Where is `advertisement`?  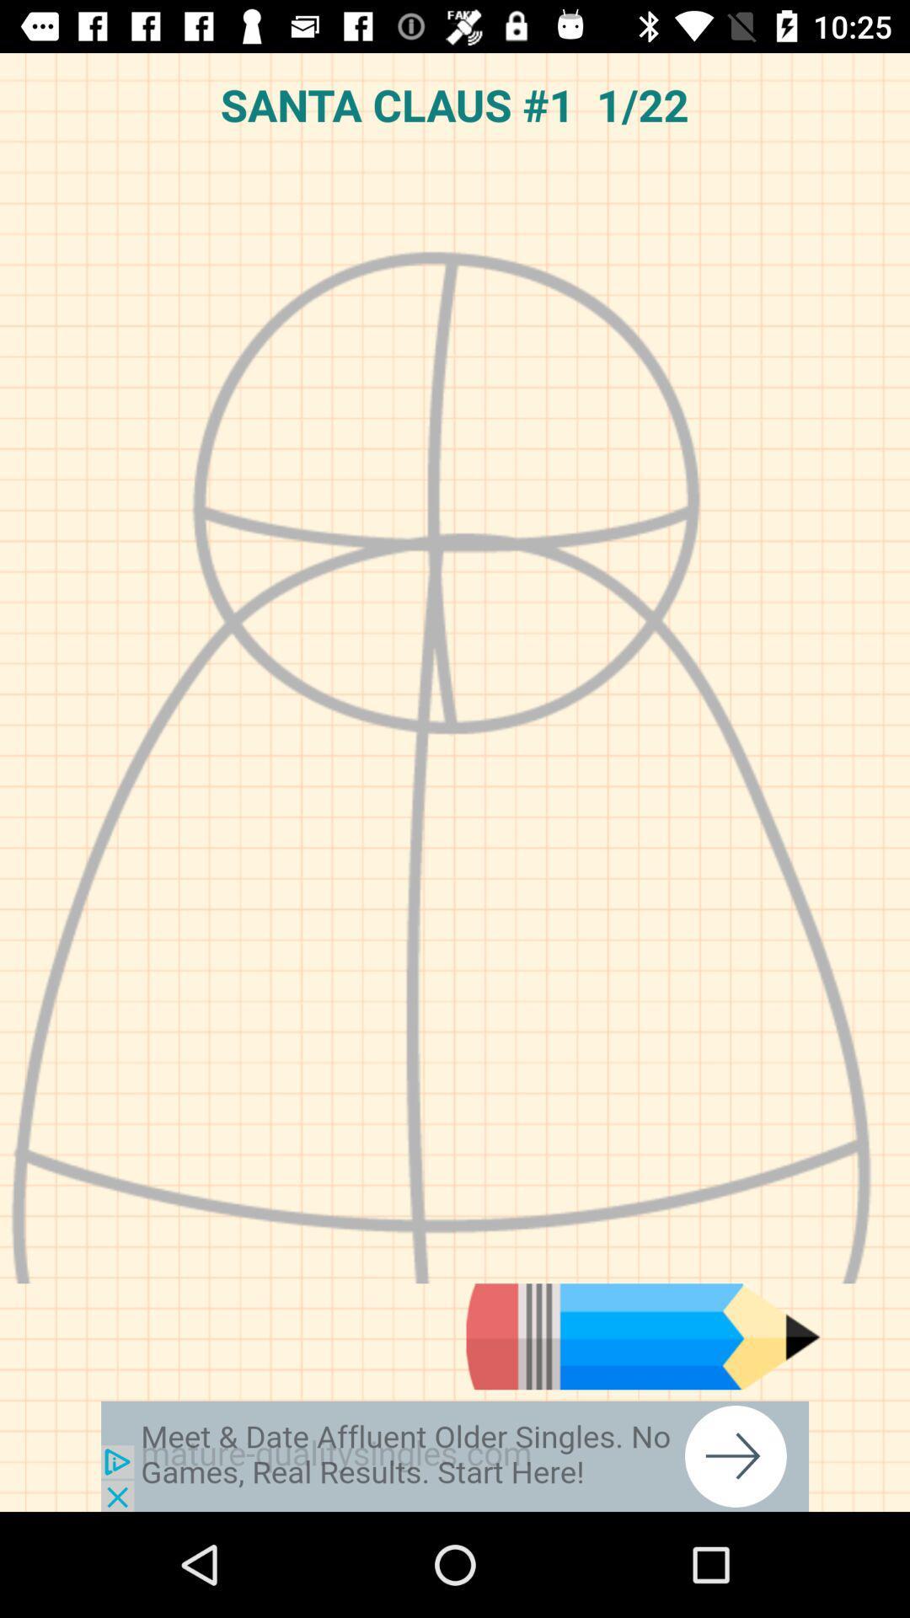 advertisement is located at coordinates (455, 1455).